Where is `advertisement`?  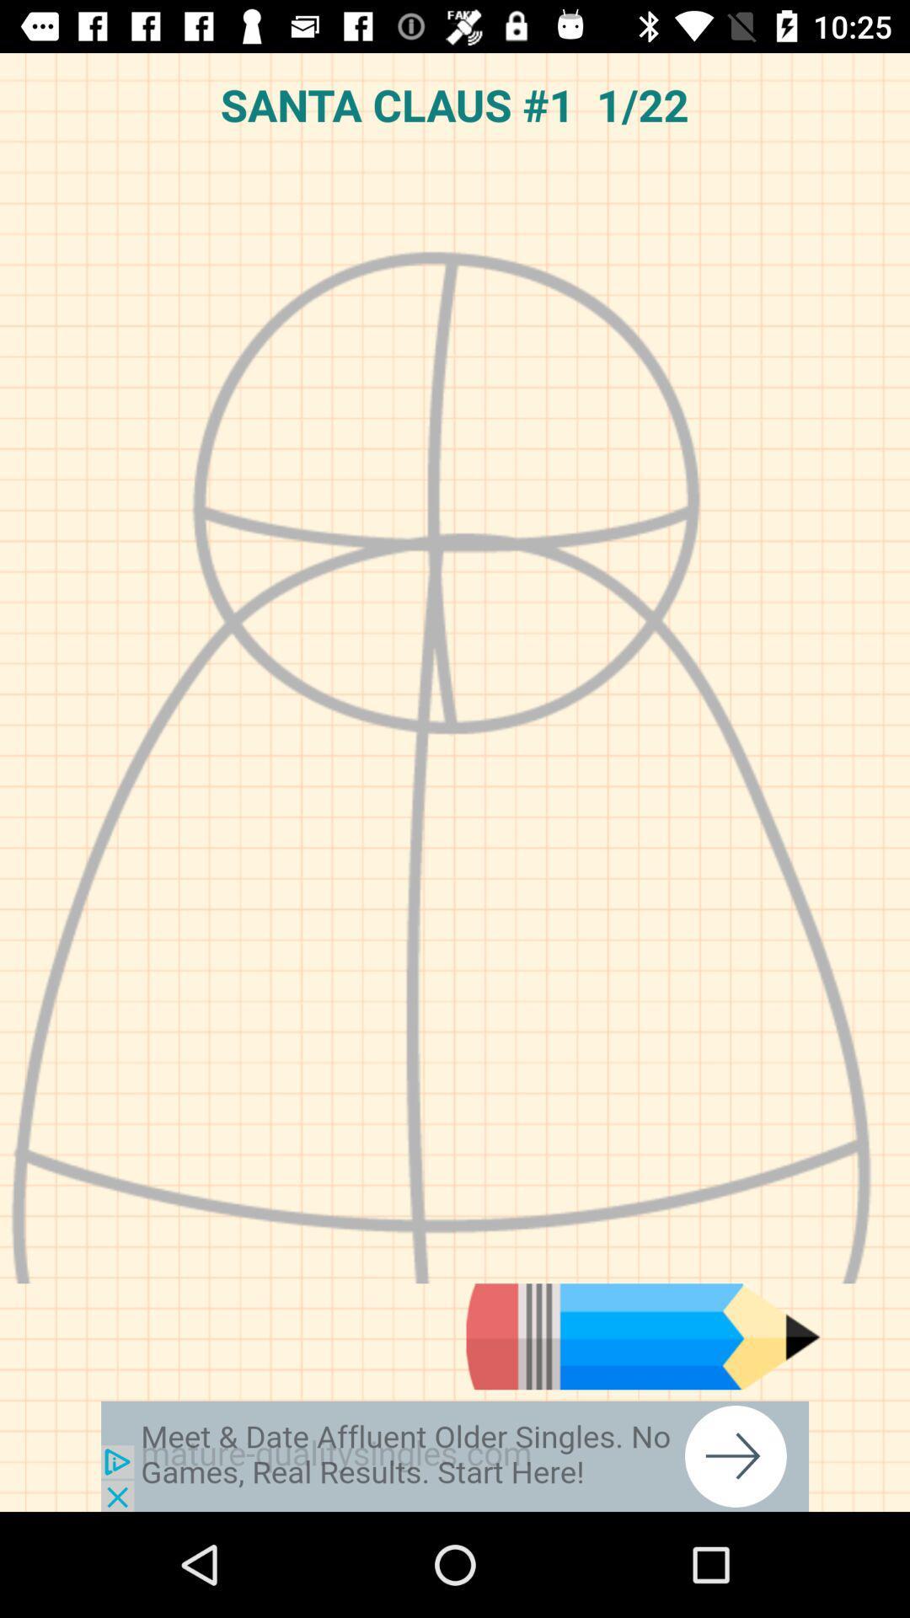 advertisement is located at coordinates (455, 1455).